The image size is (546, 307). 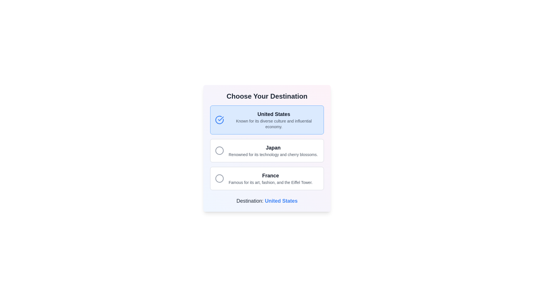 What do you see at coordinates (274, 123) in the screenshot?
I see `the text display that provides descriptive information about the 'United States' option in the list, located directly below the 'United States' text` at bounding box center [274, 123].